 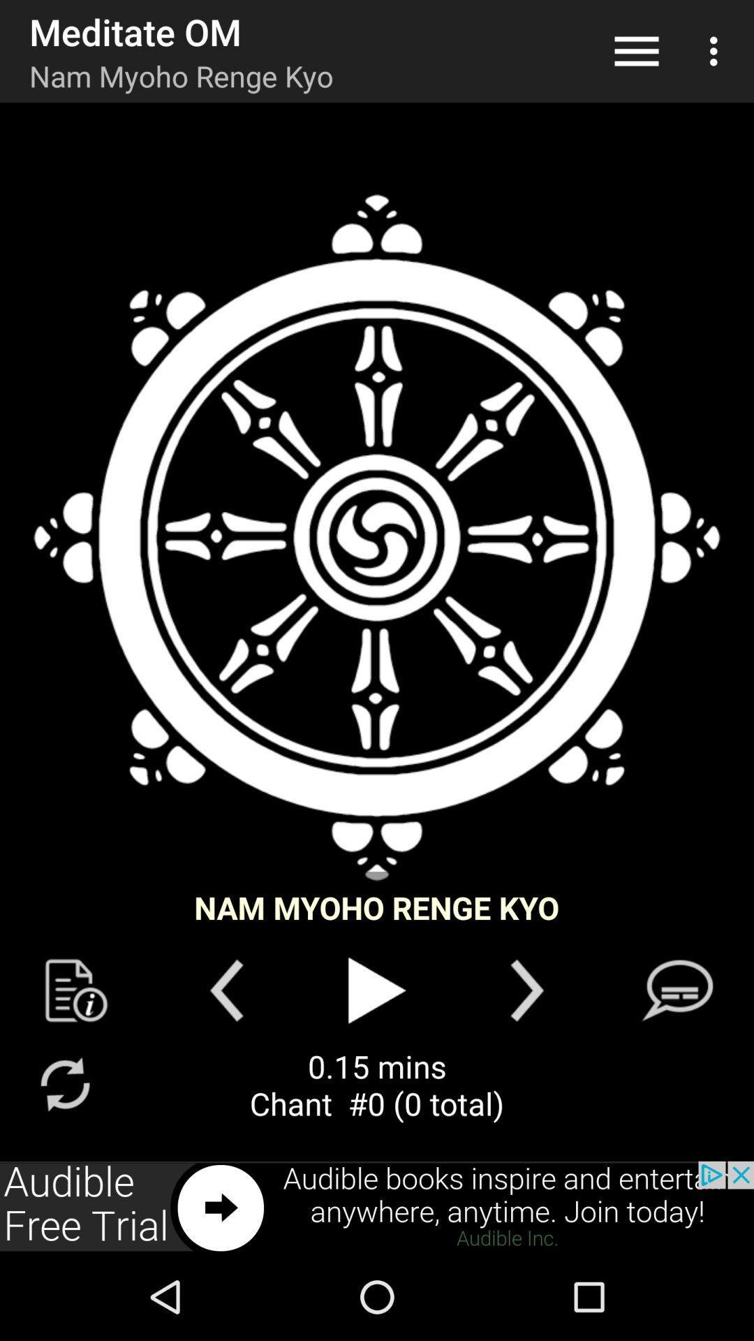 I want to click on the chat icon, so click(x=677, y=990).